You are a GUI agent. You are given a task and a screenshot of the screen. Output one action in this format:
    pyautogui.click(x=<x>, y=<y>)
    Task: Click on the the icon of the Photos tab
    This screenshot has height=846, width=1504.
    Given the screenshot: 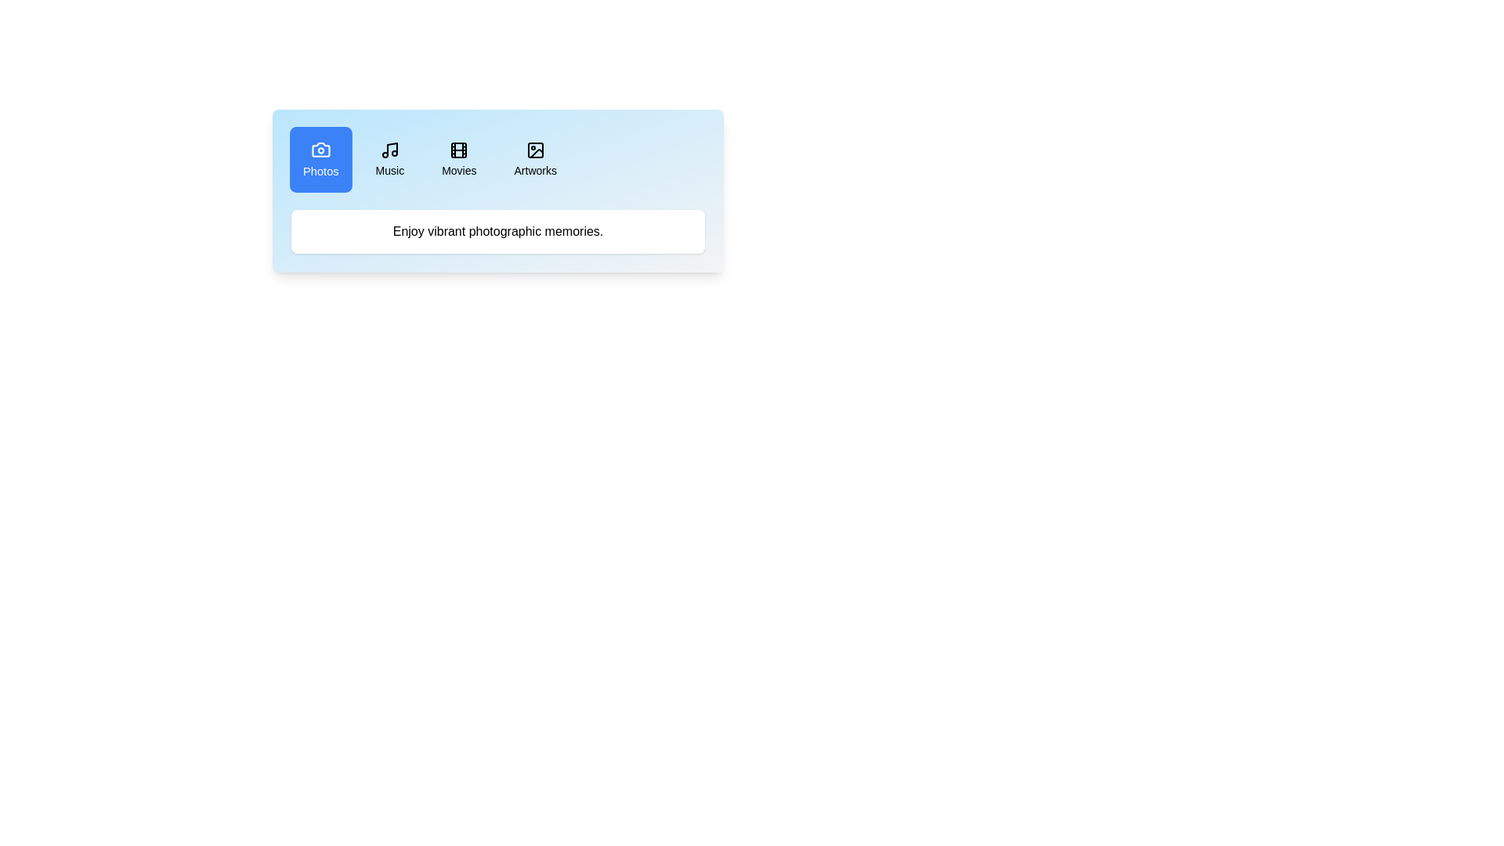 What is the action you would take?
    pyautogui.click(x=320, y=150)
    